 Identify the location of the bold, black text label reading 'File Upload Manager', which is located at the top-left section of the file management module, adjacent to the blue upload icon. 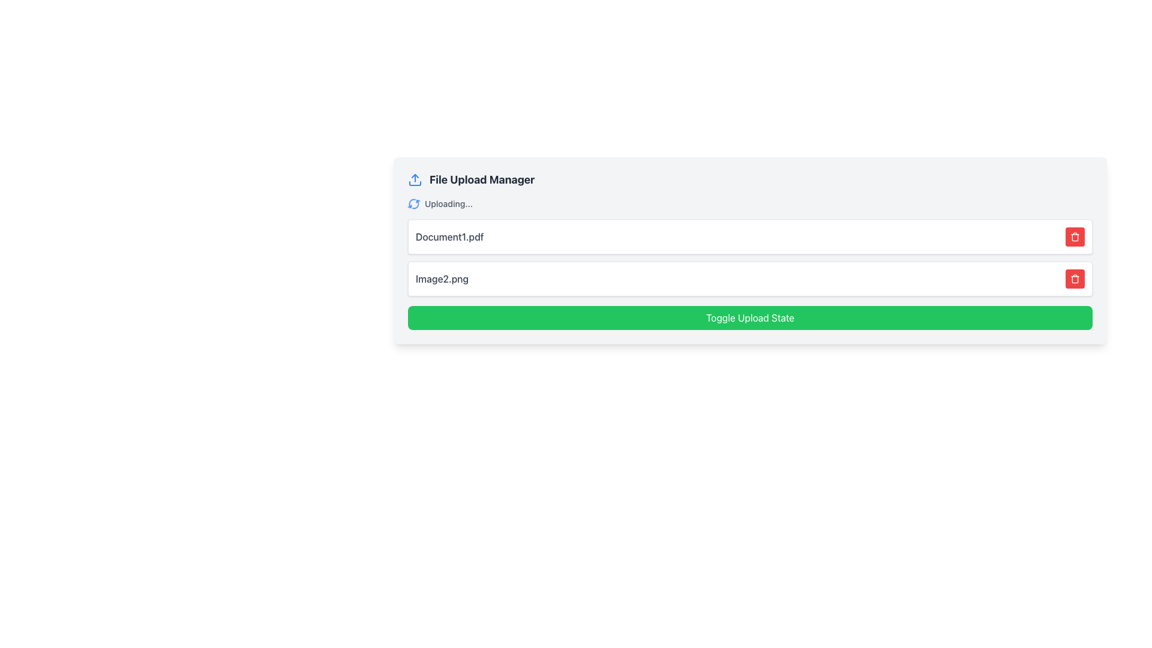
(482, 180).